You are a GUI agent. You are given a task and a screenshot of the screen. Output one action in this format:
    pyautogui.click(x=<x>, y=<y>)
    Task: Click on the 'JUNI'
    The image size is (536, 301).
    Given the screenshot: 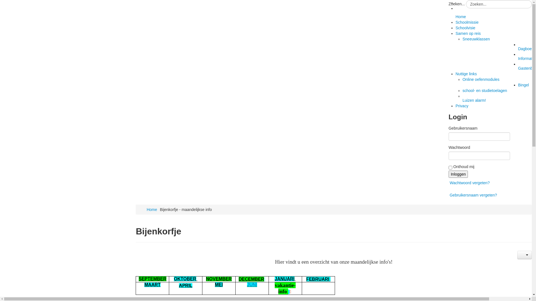 What is the action you would take?
    pyautogui.click(x=252, y=285)
    